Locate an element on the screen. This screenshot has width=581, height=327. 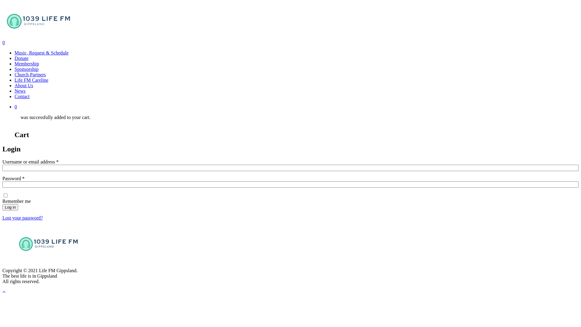
'Contact' is located at coordinates (15, 96).